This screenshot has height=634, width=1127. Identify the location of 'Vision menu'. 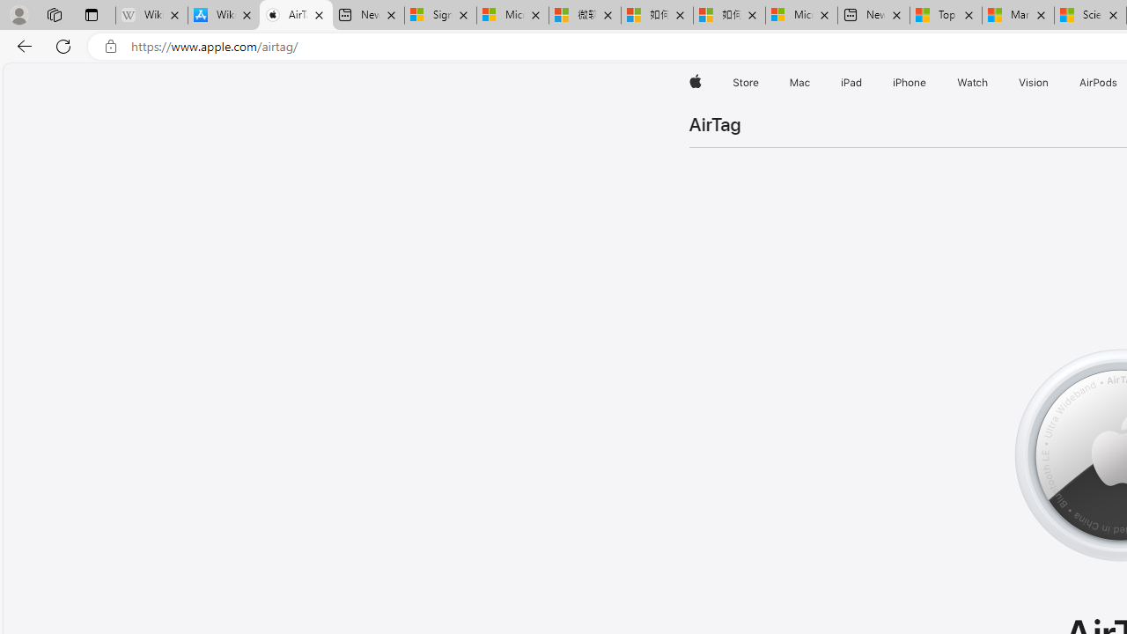
(1052, 82).